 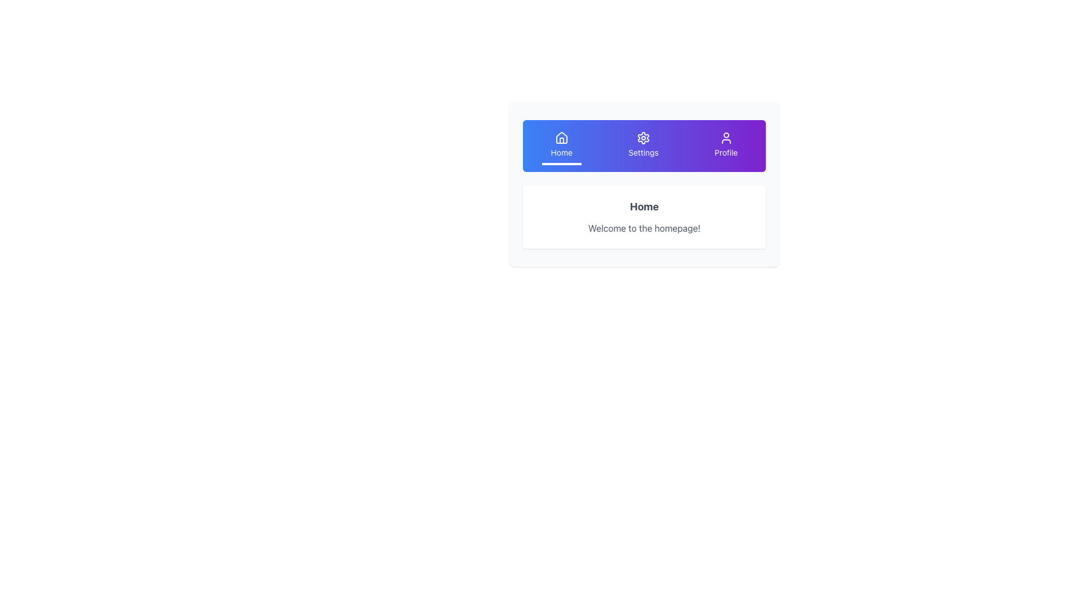 I want to click on the 'Home' text label, which is displayed in bold, large font and is grayish in tone, positioned above the subtitle 'Welcome to the homepage!', so click(x=644, y=206).